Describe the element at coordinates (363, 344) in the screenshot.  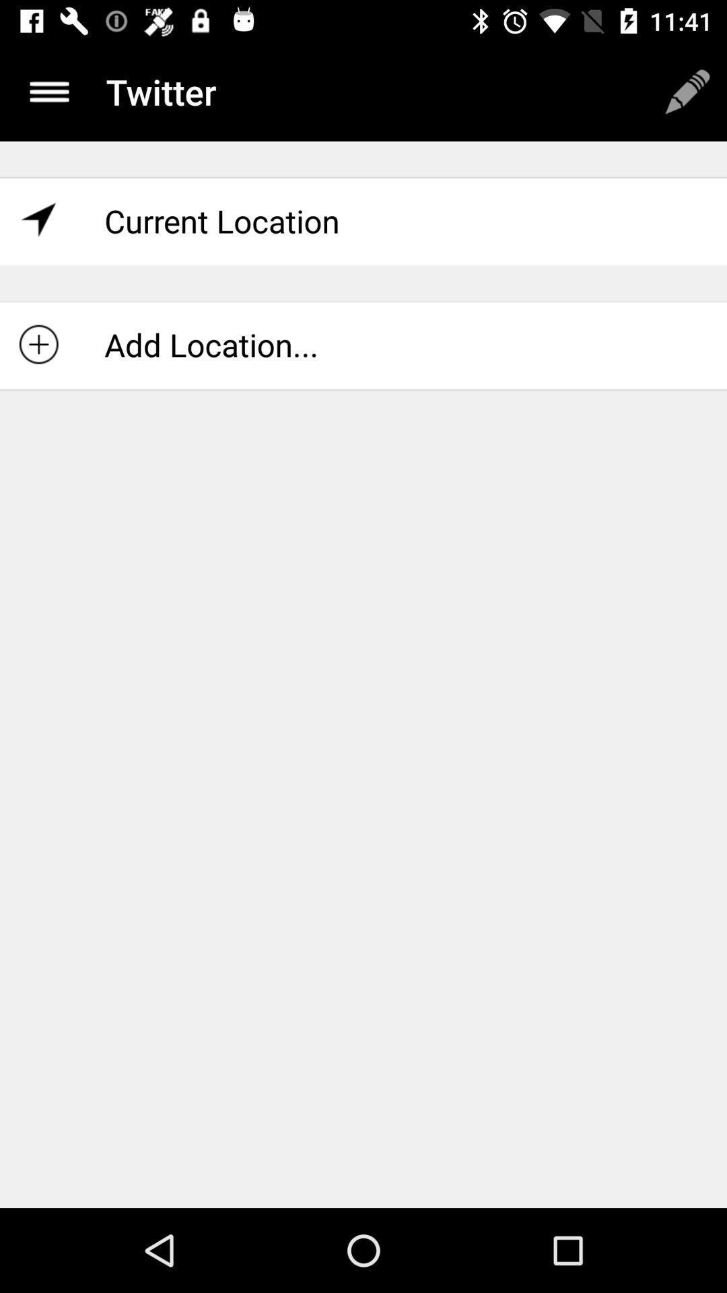
I see `the add location... item` at that location.